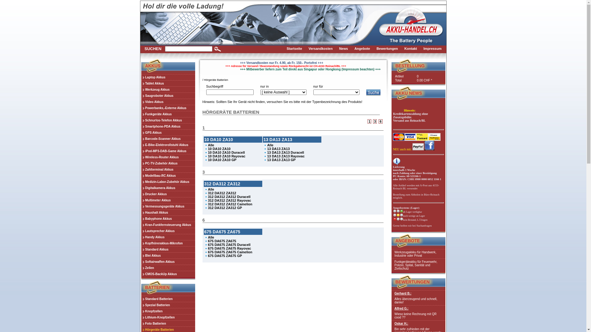 The height and width of the screenshot is (332, 591). What do you see at coordinates (140, 249) in the screenshot?
I see `'Standard Akkus'` at bounding box center [140, 249].